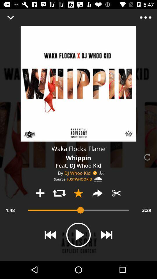  Describe the element at coordinates (101, 173) in the screenshot. I see `the avatar icon` at that location.